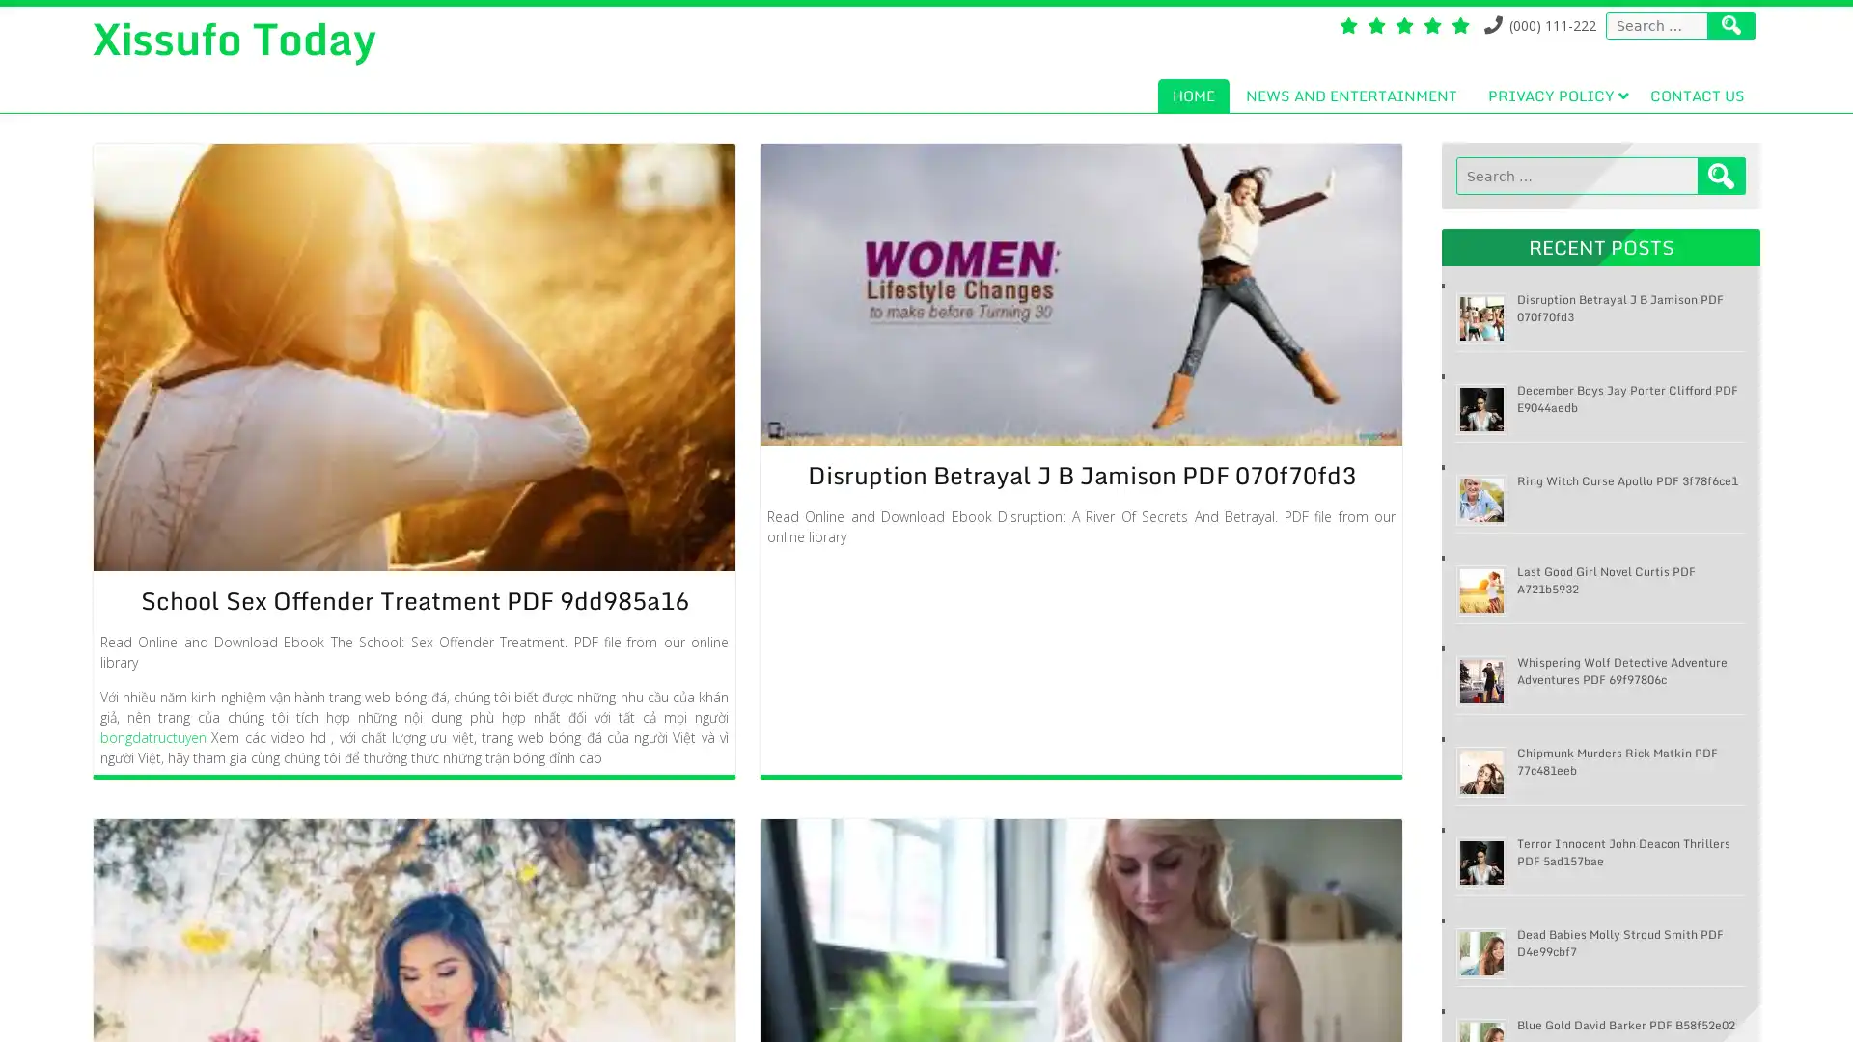 This screenshot has height=1042, width=1853. Describe the element at coordinates (1731, 25) in the screenshot. I see `Search` at that location.